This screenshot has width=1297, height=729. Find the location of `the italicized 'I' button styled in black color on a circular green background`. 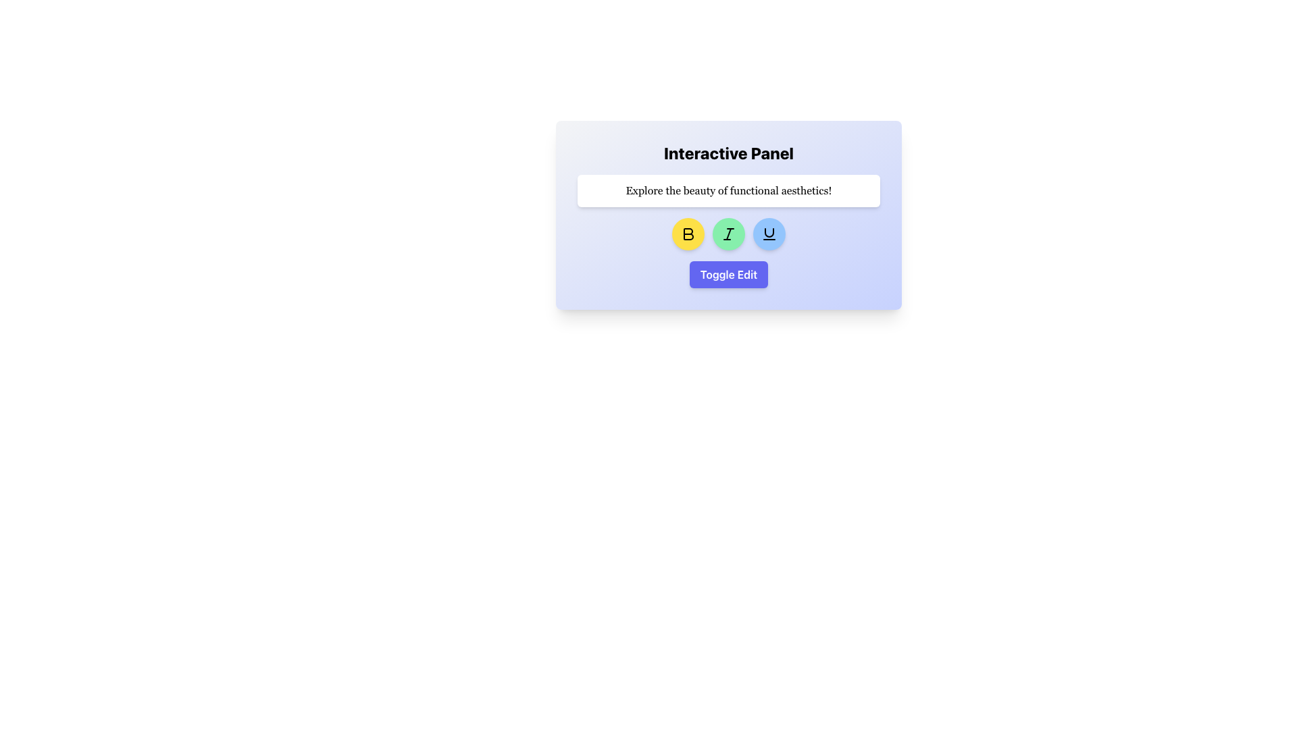

the italicized 'I' button styled in black color on a circular green background is located at coordinates (728, 234).